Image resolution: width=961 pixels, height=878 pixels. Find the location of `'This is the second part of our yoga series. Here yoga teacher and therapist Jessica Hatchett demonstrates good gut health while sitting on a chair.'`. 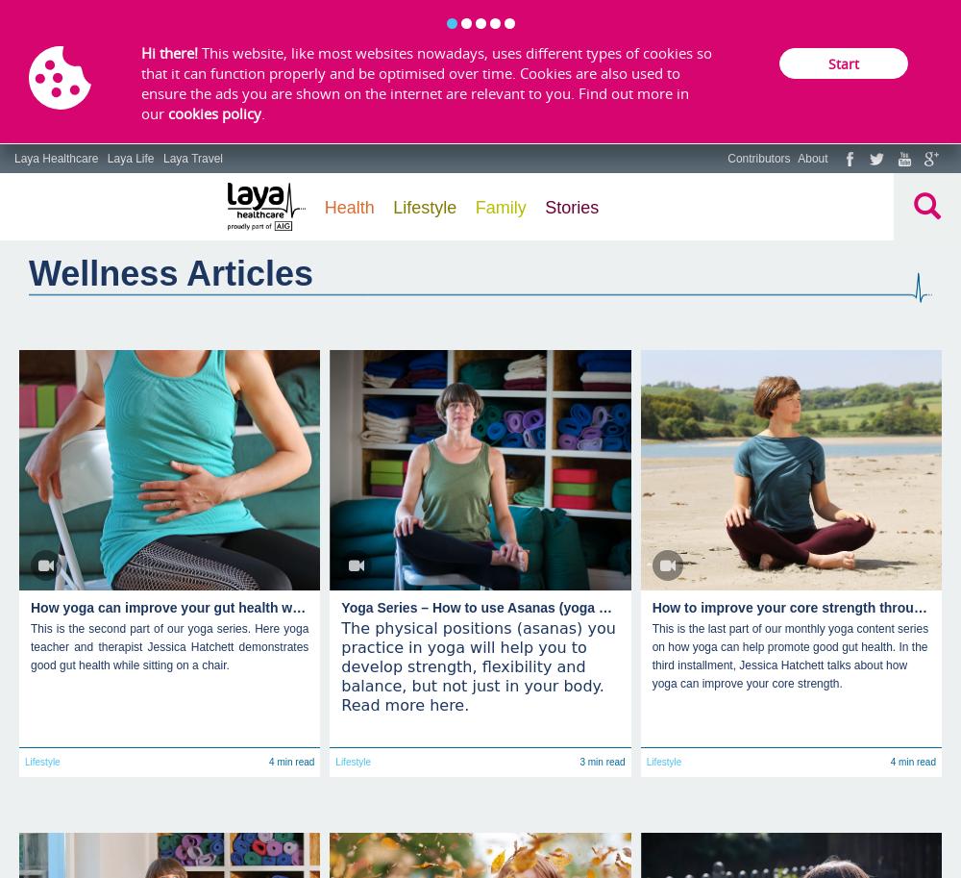

'This is the second part of our yoga series. Here yoga teacher and therapist Jessica Hatchett demonstrates good gut health while sitting on a chair.' is located at coordinates (169, 646).